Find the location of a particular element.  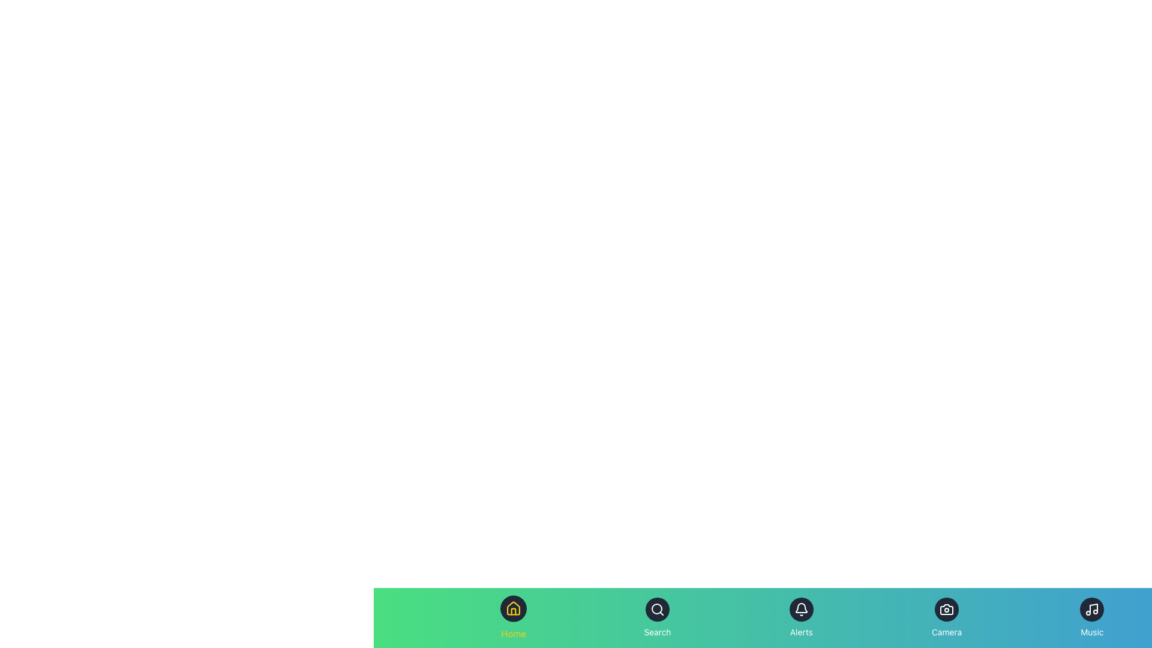

the 'Alerts' button, which features a bell icon on a dark blue circular background, located in the bottom navigation bar as the third item from the left is located at coordinates (801, 617).